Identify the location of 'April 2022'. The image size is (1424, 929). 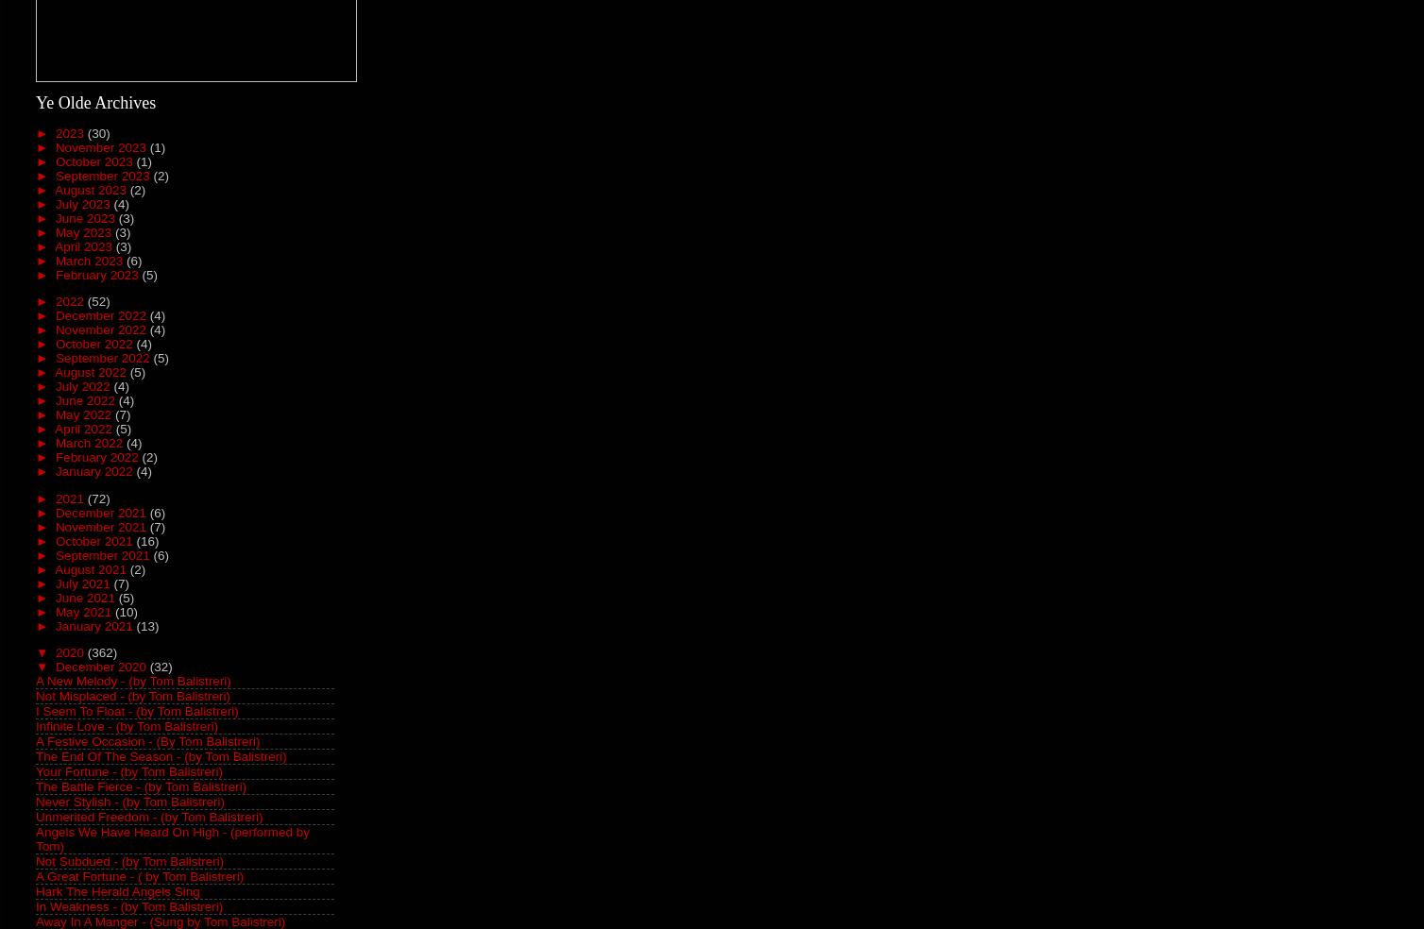
(85, 429).